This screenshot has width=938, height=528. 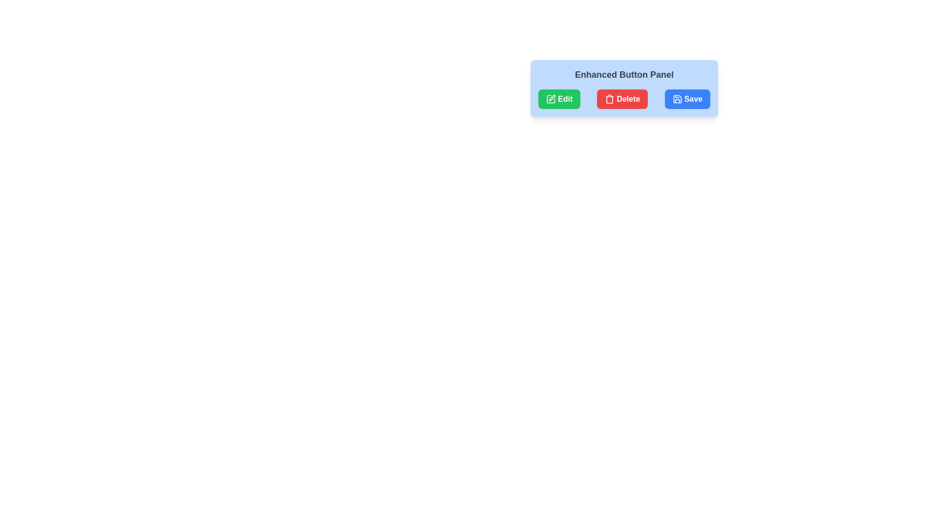 I want to click on the trash can icon located within the 'Delete' button, which has a black outline and is styled with white text on a rounded rectangle shape, so click(x=609, y=99).